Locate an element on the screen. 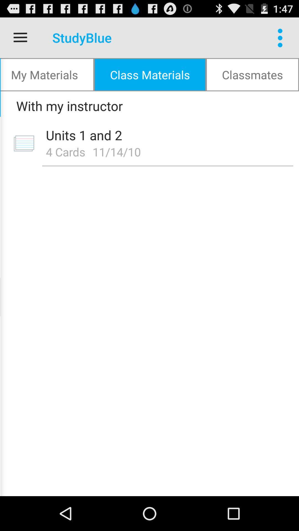 The width and height of the screenshot is (299, 531). the 4 cards icon is located at coordinates (65, 152).